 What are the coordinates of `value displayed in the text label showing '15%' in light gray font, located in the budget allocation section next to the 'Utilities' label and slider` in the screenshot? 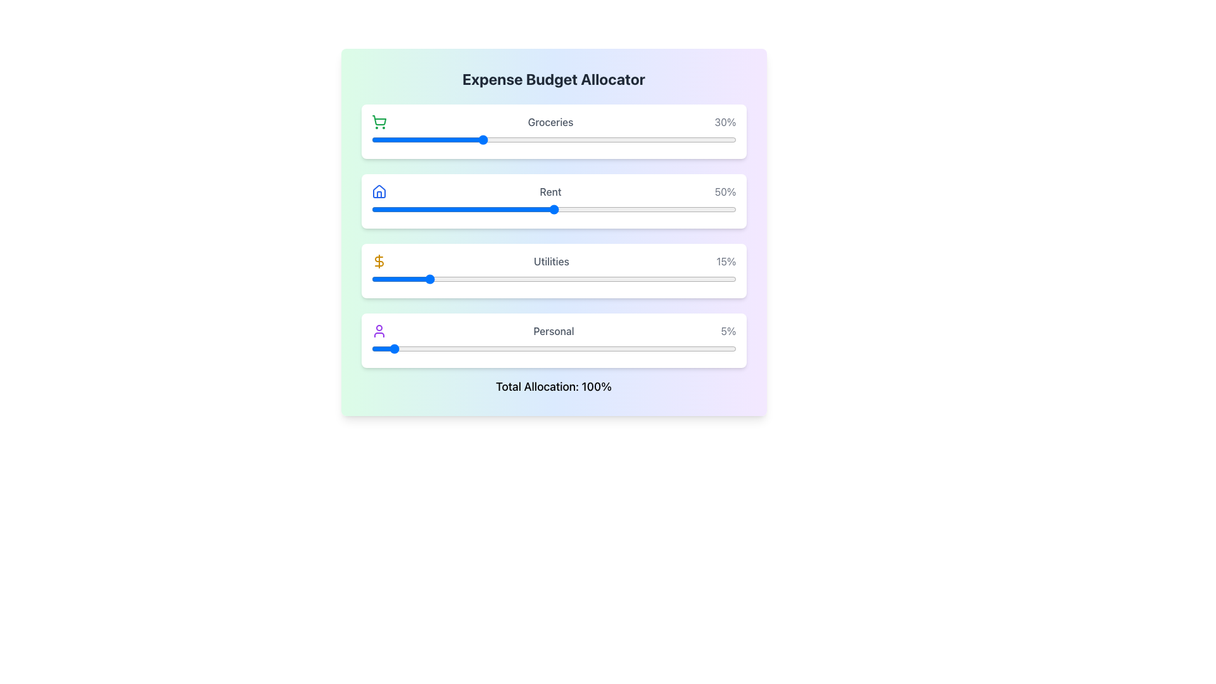 It's located at (726, 260).